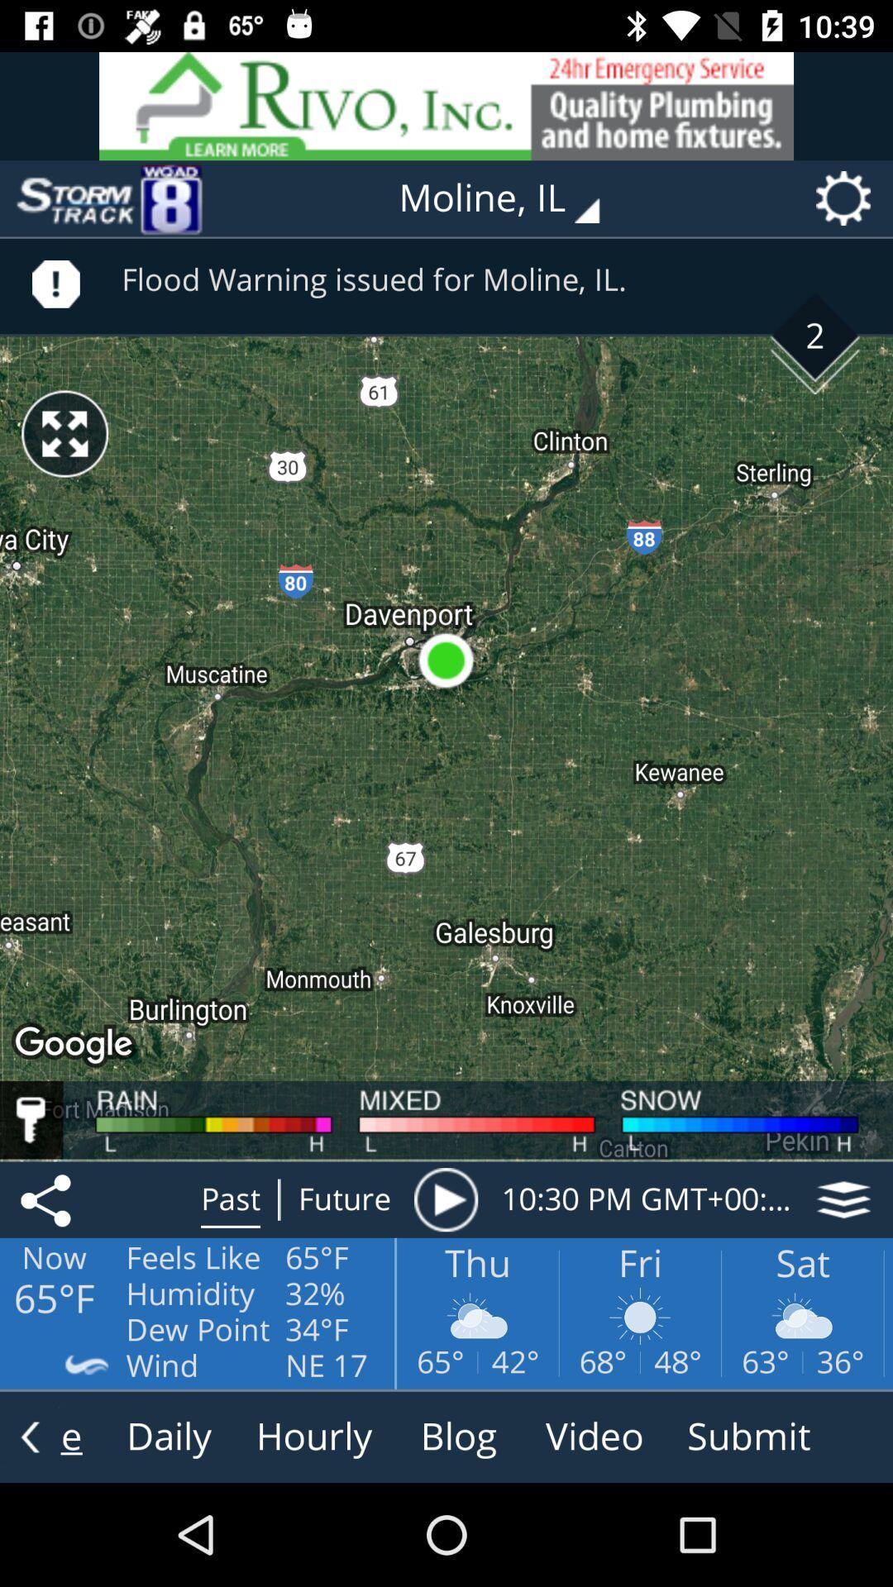 The width and height of the screenshot is (893, 1587). Describe the element at coordinates (48, 1199) in the screenshot. I see `the share icon` at that location.